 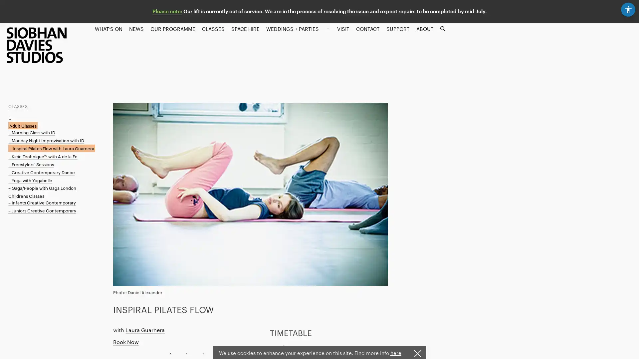 I want to click on Accessibility settings, so click(x=629, y=8).